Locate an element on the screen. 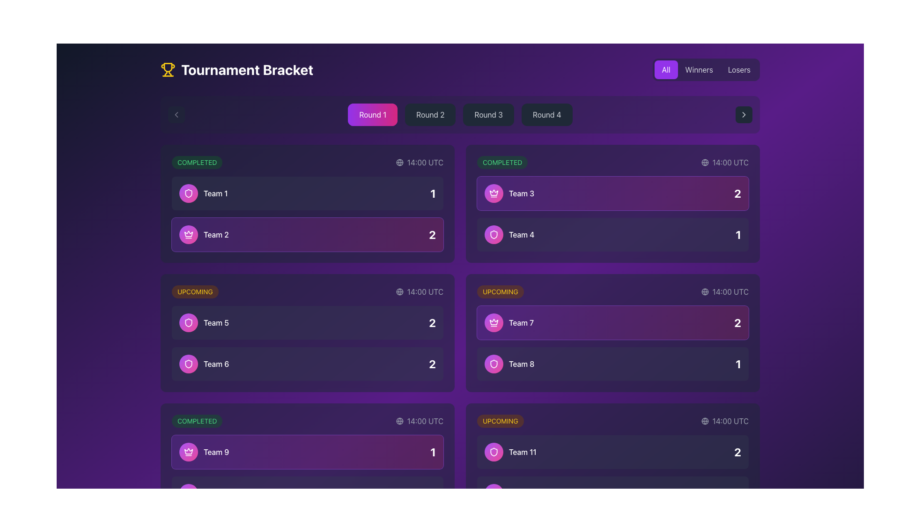  the 'Losers' filter button located in the top-right corner of the interface to adjust the displayed content to show the 'Losers' category is located at coordinates (739, 69).